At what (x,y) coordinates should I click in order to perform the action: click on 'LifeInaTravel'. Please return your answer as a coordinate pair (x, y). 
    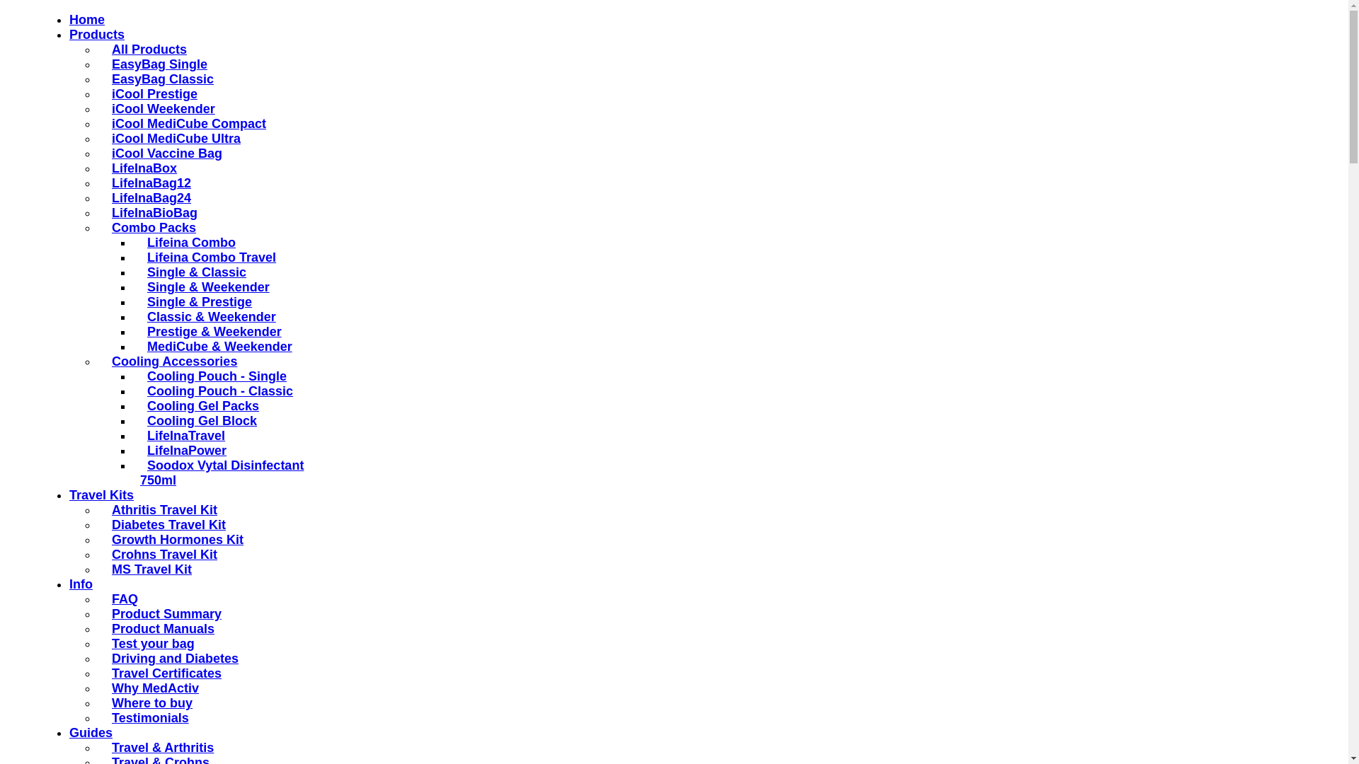
    Looking at the image, I should click on (182, 435).